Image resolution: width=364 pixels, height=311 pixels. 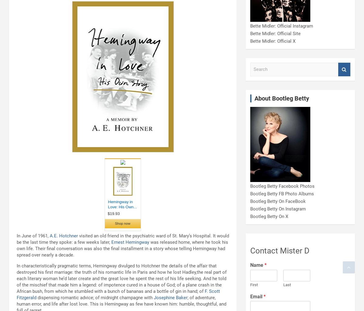 What do you see at coordinates (122, 248) in the screenshot?
I see `'was released home, where he took his own life. Their final conversation was also the final installment in a story whose telling Hemingway had spread over nearly a decade.'` at bounding box center [122, 248].